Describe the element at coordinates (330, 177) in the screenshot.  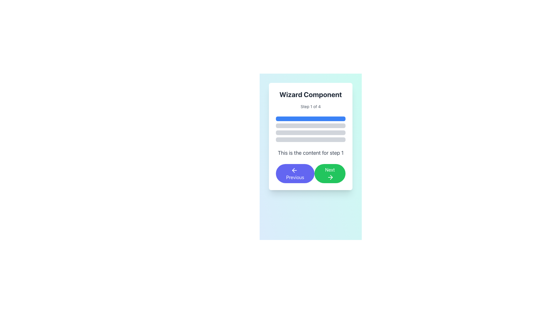
I see `the right-pointing arrow icon within the 'Next' button located at the bottom-right of the dialog` at that location.